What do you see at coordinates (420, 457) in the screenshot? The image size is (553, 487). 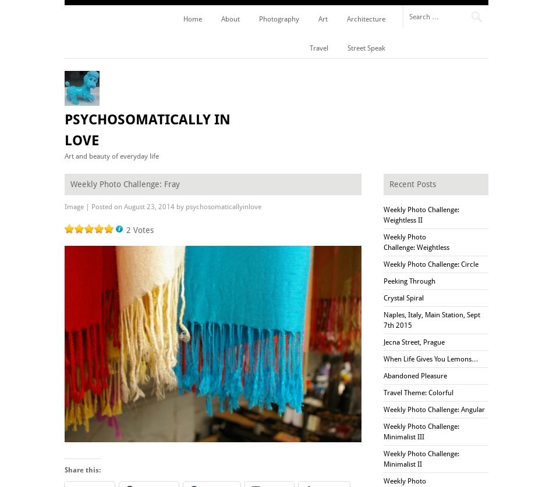 I see `'Weekly Photo Challenge: Minimalist II'` at bounding box center [420, 457].